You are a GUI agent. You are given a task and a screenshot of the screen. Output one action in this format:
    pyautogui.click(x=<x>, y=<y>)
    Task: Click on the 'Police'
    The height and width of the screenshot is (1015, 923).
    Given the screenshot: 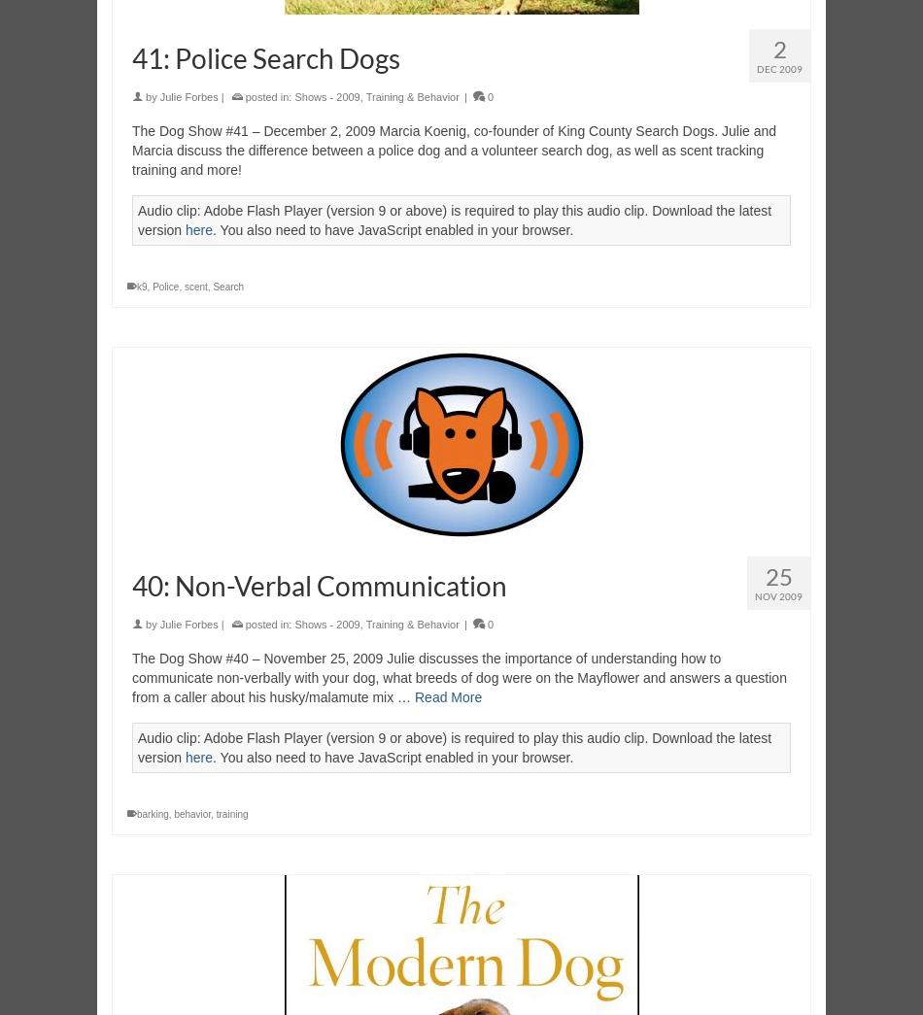 What is the action you would take?
    pyautogui.click(x=165, y=287)
    